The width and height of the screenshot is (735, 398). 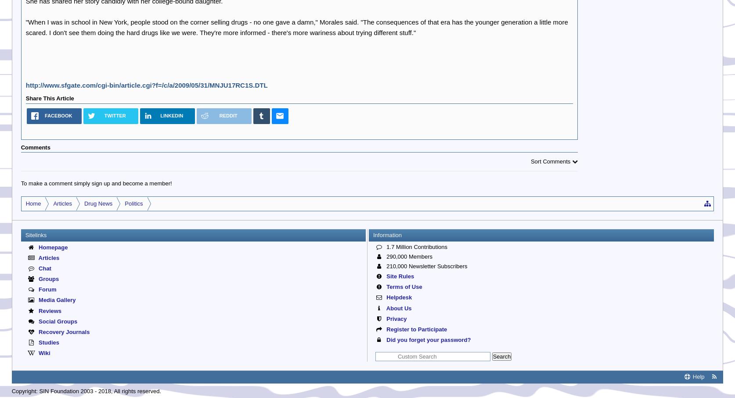 I want to click on 'Forum', so click(x=46, y=289).